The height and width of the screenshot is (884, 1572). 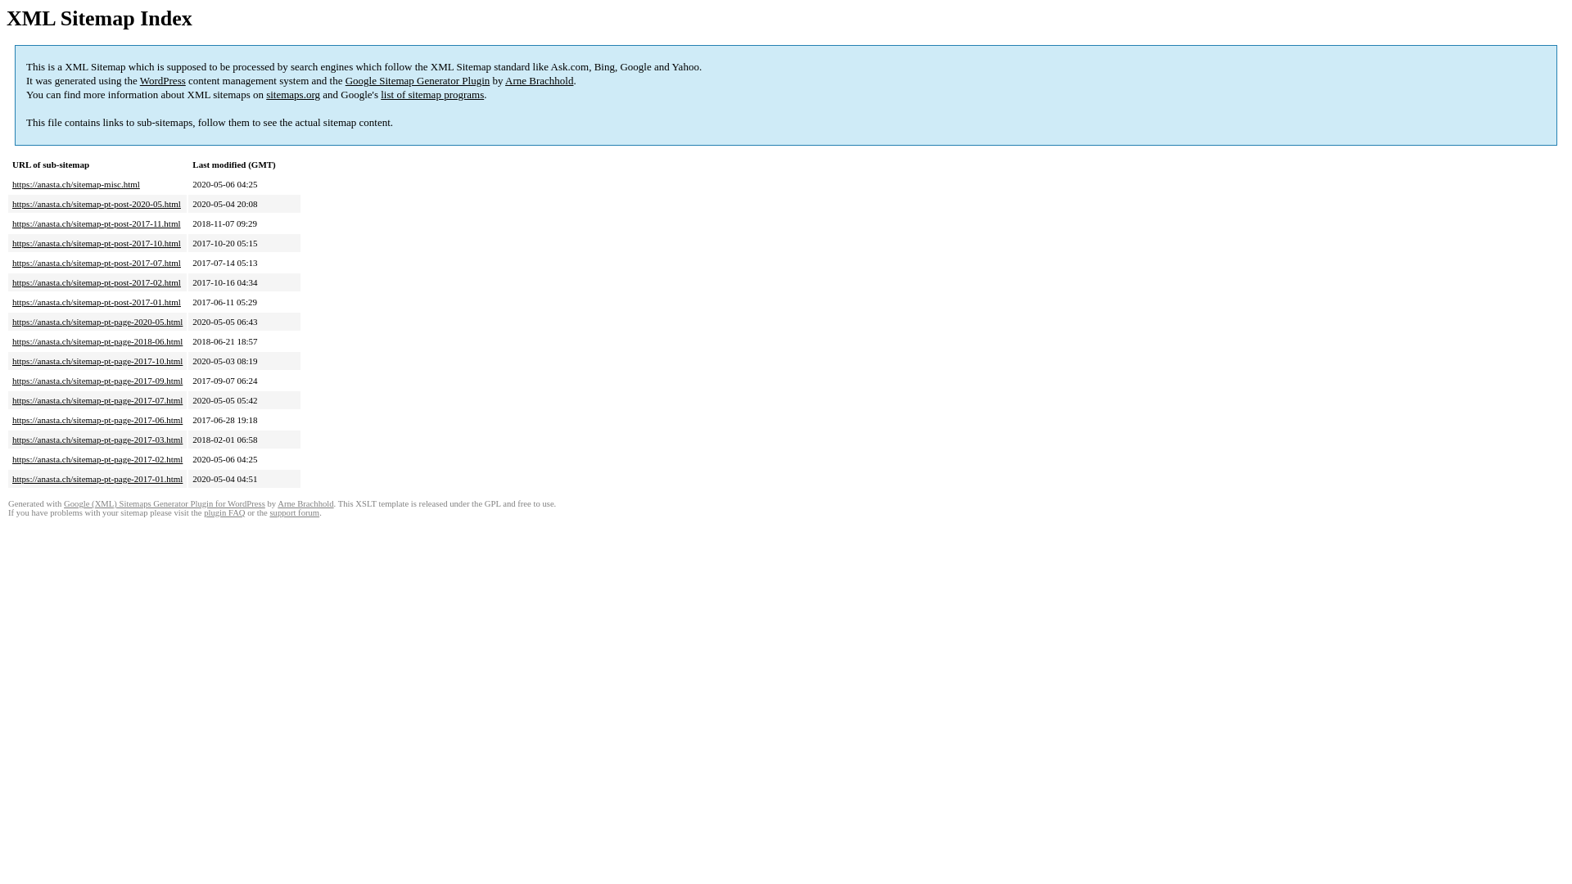 What do you see at coordinates (203, 512) in the screenshot?
I see `'plugin FAQ'` at bounding box center [203, 512].